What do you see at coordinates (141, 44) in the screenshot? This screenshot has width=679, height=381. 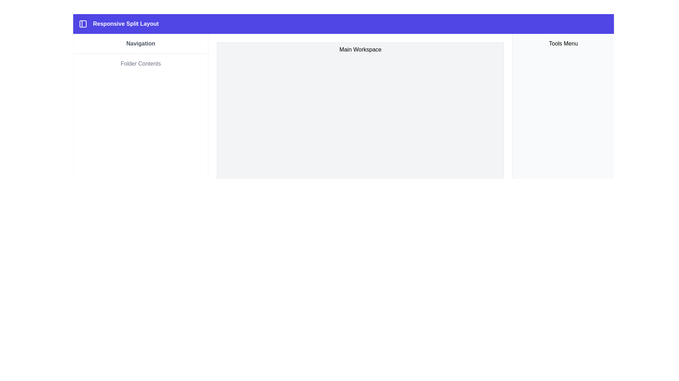 I see `the 'Navigation' text label in the left sidebar, which is styled with a bold font and gray color, positioned above the 'Folder Contents' label` at bounding box center [141, 44].